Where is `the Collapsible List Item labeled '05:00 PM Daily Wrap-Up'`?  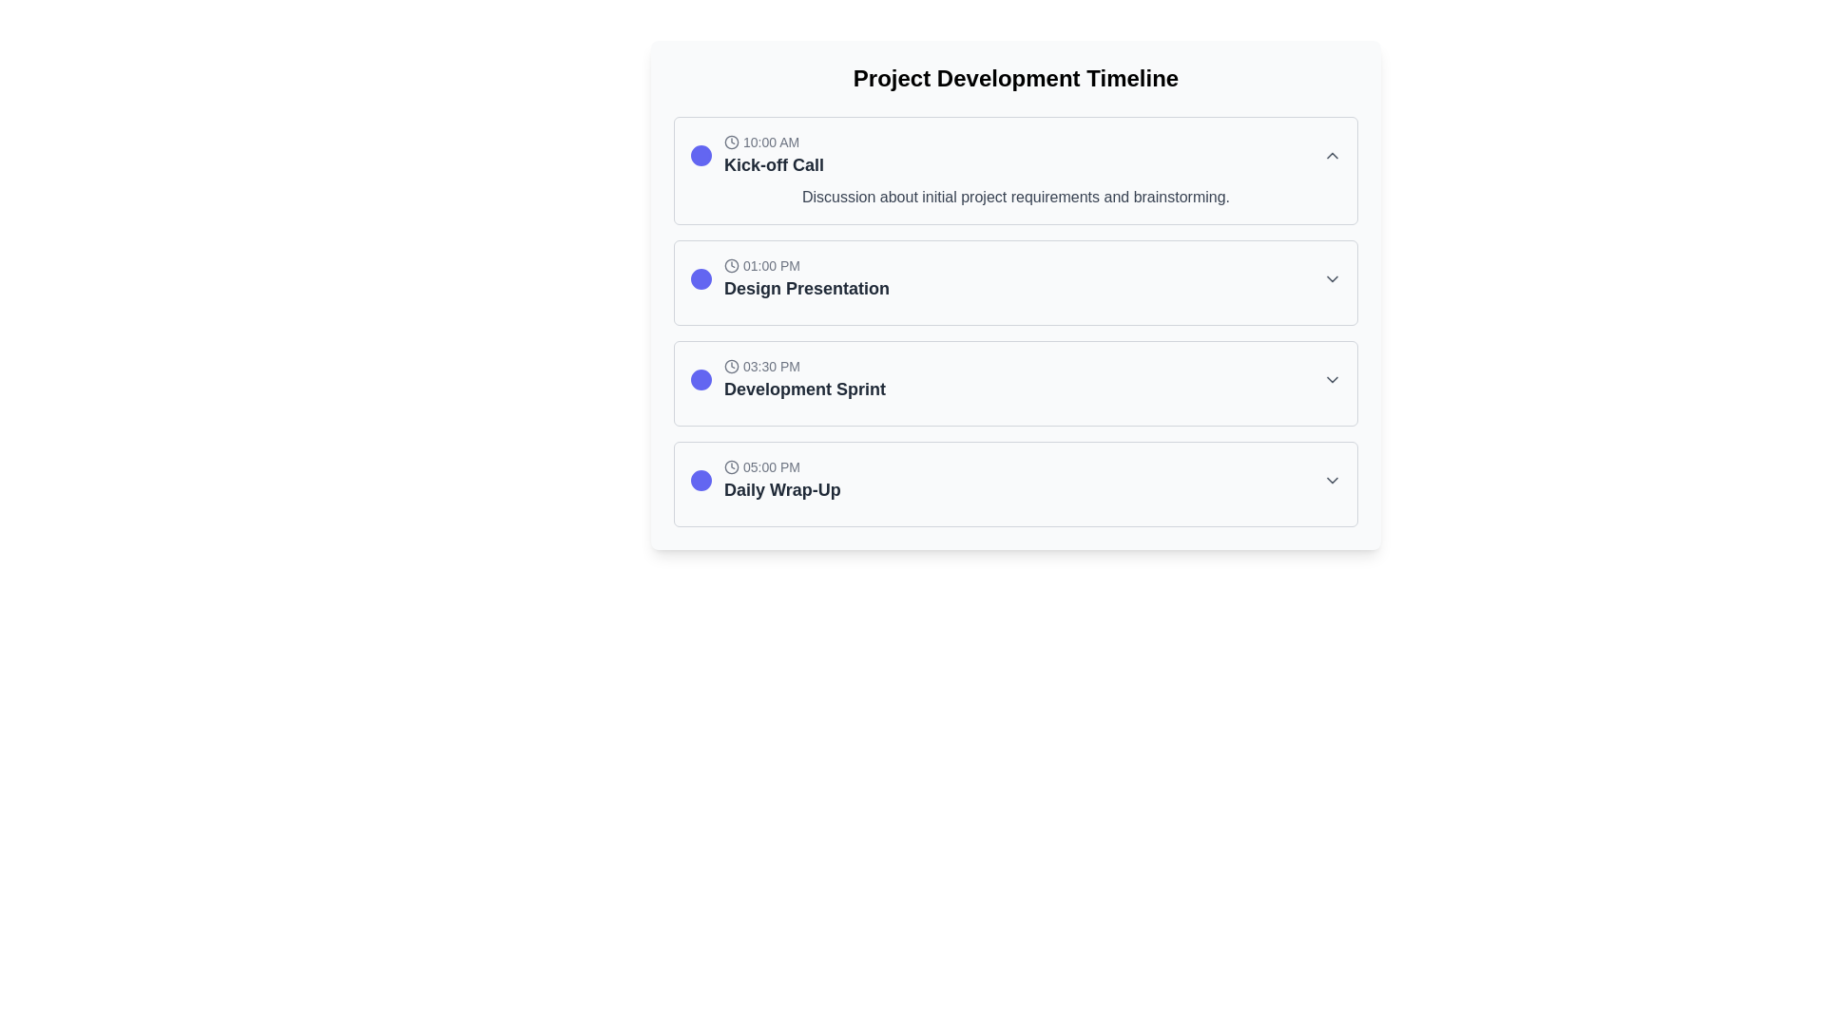
the Collapsible List Item labeled '05:00 PM Daily Wrap-Up' is located at coordinates (1015, 483).